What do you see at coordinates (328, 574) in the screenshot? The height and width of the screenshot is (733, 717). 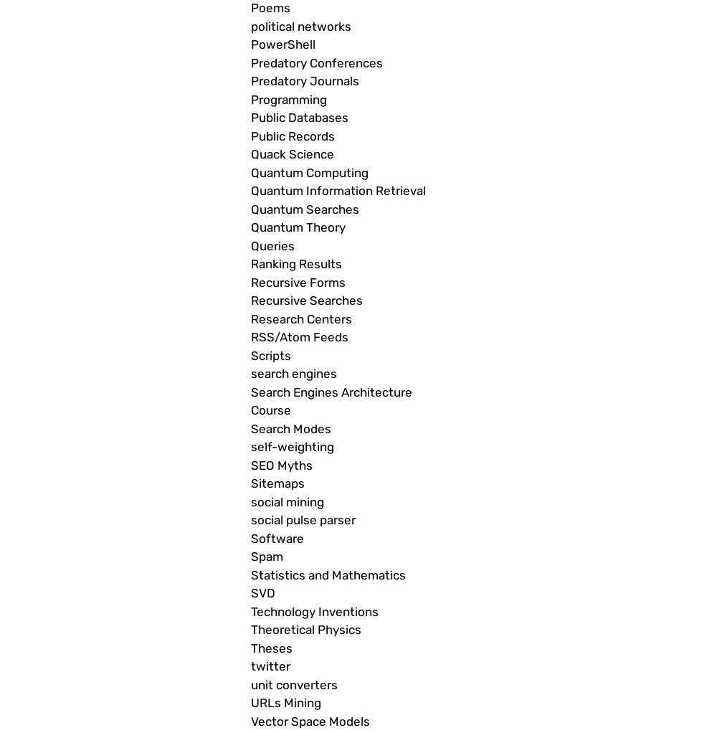 I see `'Statistics and Mathematics'` at bounding box center [328, 574].